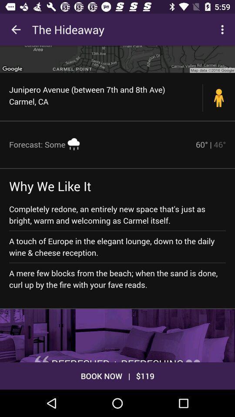 Image resolution: width=235 pixels, height=417 pixels. What do you see at coordinates (117, 214) in the screenshot?
I see `the item below the why we like icon` at bounding box center [117, 214].